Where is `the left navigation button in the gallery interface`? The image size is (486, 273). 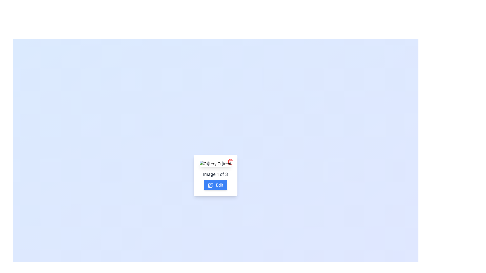
the left navigation button in the gallery interface is located at coordinates (208, 164).